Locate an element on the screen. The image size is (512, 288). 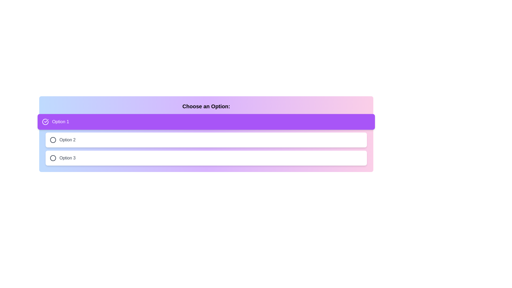
the static text label, which is the second option in a vertically stacked selection list, located to the right of the radio button icon is located at coordinates (67, 139).